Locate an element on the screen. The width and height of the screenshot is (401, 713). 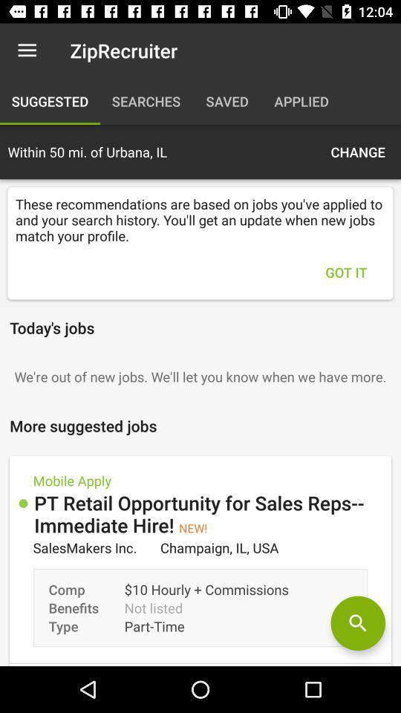
magnify is located at coordinates (357, 623).